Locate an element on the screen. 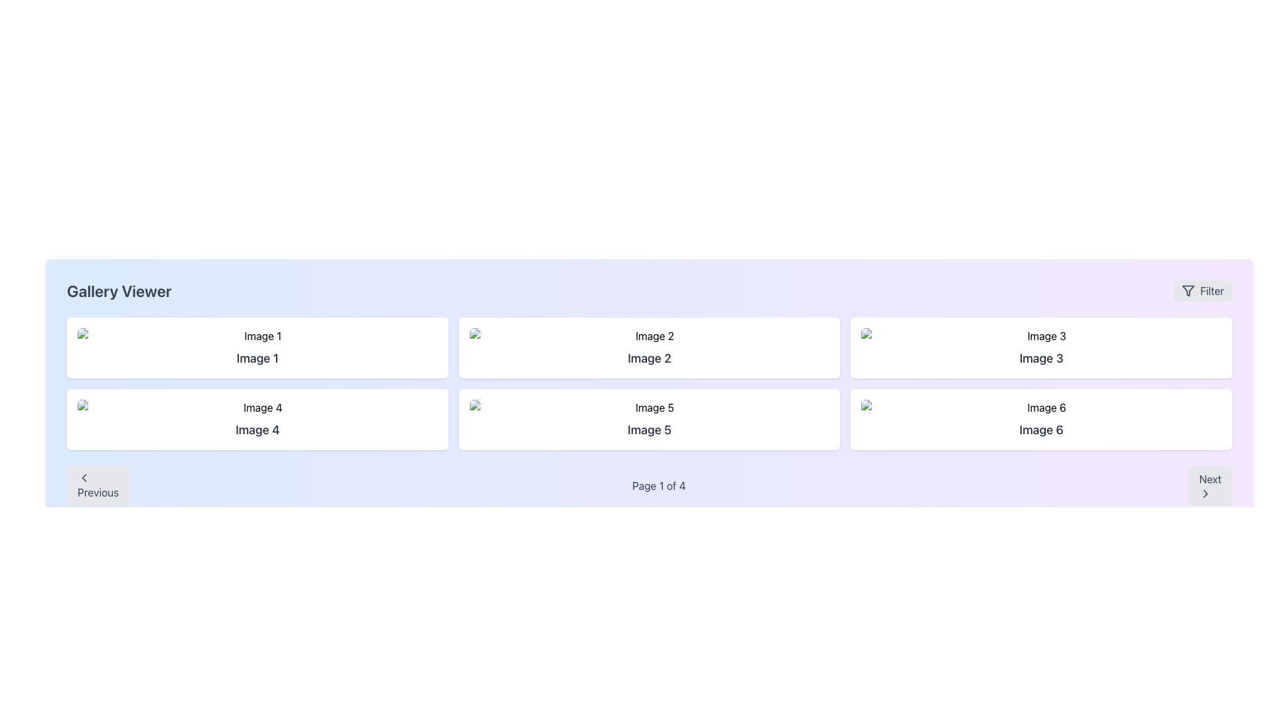 The width and height of the screenshot is (1274, 716). text label 'Image 6' located in the rightmost position of the second row of a grid layout, styled in medium font weight and gray color is located at coordinates (1040, 430).